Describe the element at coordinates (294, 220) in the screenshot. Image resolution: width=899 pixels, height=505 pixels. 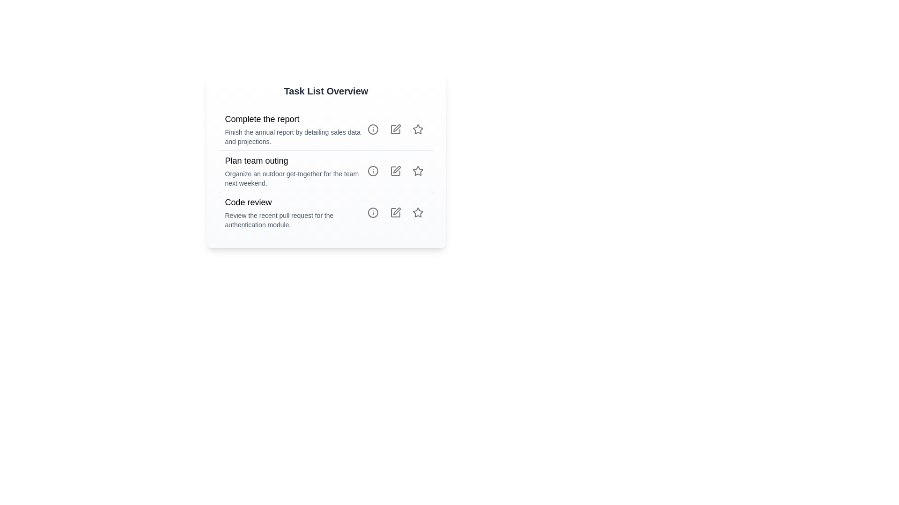
I see `the static text element that provides additional details about the 'Code review' task, located below the 'Code review' title in the task list` at that location.